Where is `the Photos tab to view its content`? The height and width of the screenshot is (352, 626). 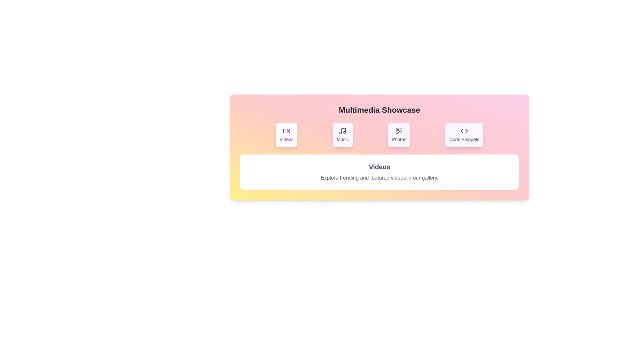
the Photos tab to view its content is located at coordinates (398, 134).